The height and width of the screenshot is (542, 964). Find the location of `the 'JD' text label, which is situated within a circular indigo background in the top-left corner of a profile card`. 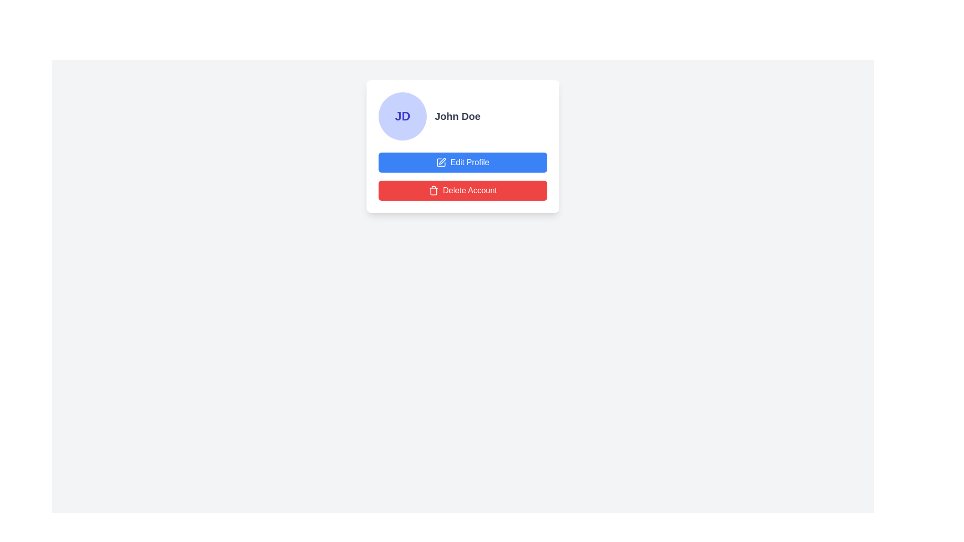

the 'JD' text label, which is situated within a circular indigo background in the top-left corner of a profile card is located at coordinates (402, 115).